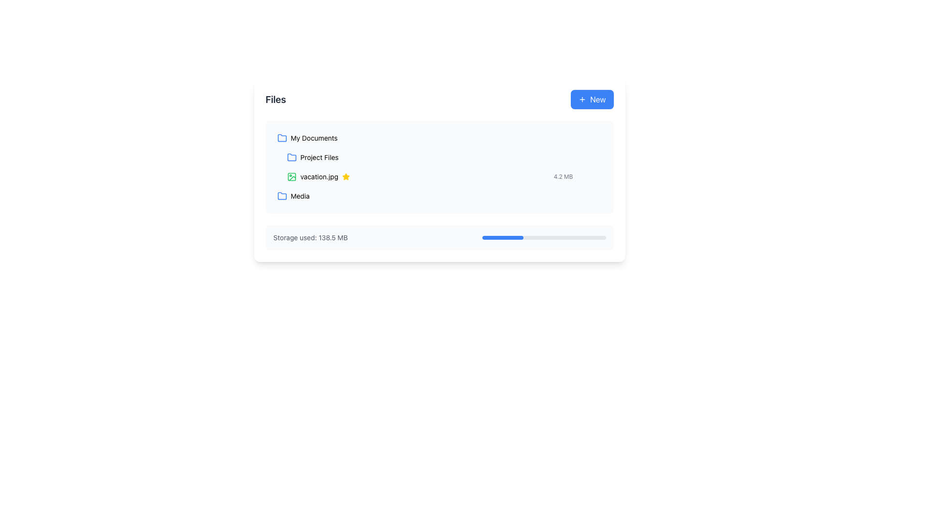 The width and height of the screenshot is (928, 522). Describe the element at coordinates (595, 177) in the screenshot. I see `the menu trigger (vertical ellipsis) located on the right side of the row containing the file 'vacation.jpg'` at that location.